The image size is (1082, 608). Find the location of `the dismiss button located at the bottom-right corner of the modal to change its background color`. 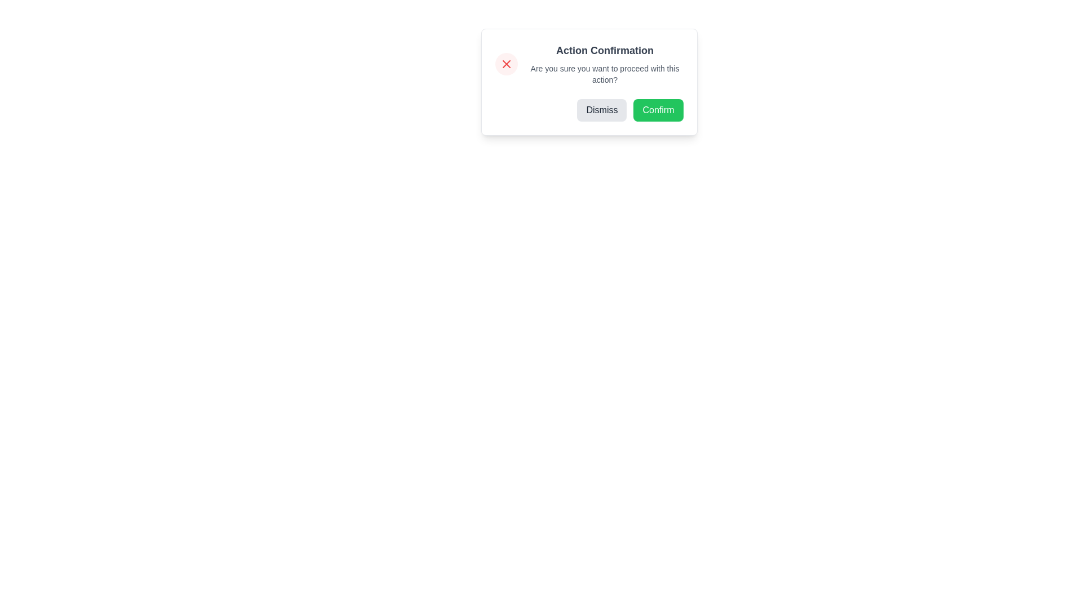

the dismiss button located at the bottom-right corner of the modal to change its background color is located at coordinates (601, 110).